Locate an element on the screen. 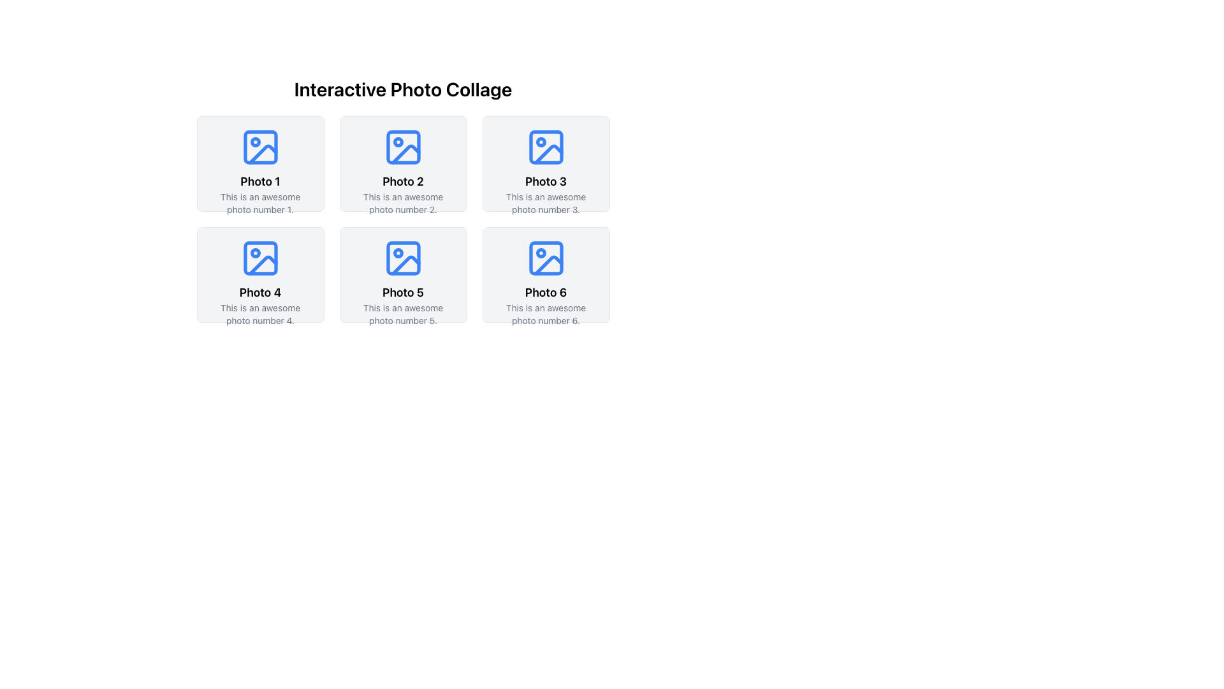 The height and width of the screenshot is (689, 1224). the rectangular frame with rounded corners that represents the sixth image icon in a 2-row, 3-column grid, located below the label 'Photo 6' is located at coordinates (546, 258).